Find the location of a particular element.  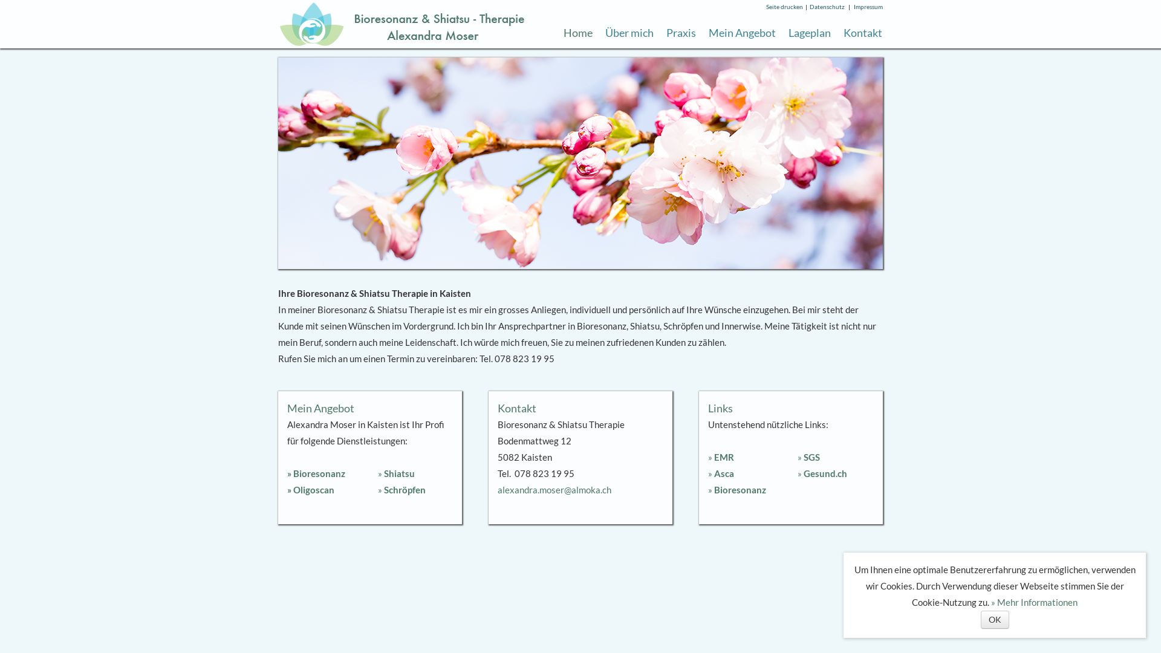

'Datenschutz' is located at coordinates (827, 7).